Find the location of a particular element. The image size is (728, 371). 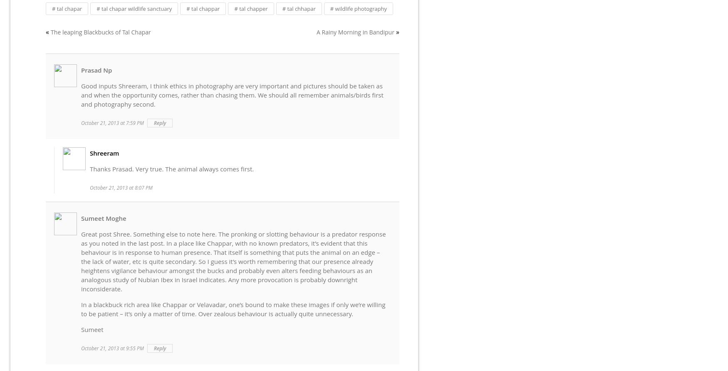

'Sumeet Moghe' is located at coordinates (104, 218).